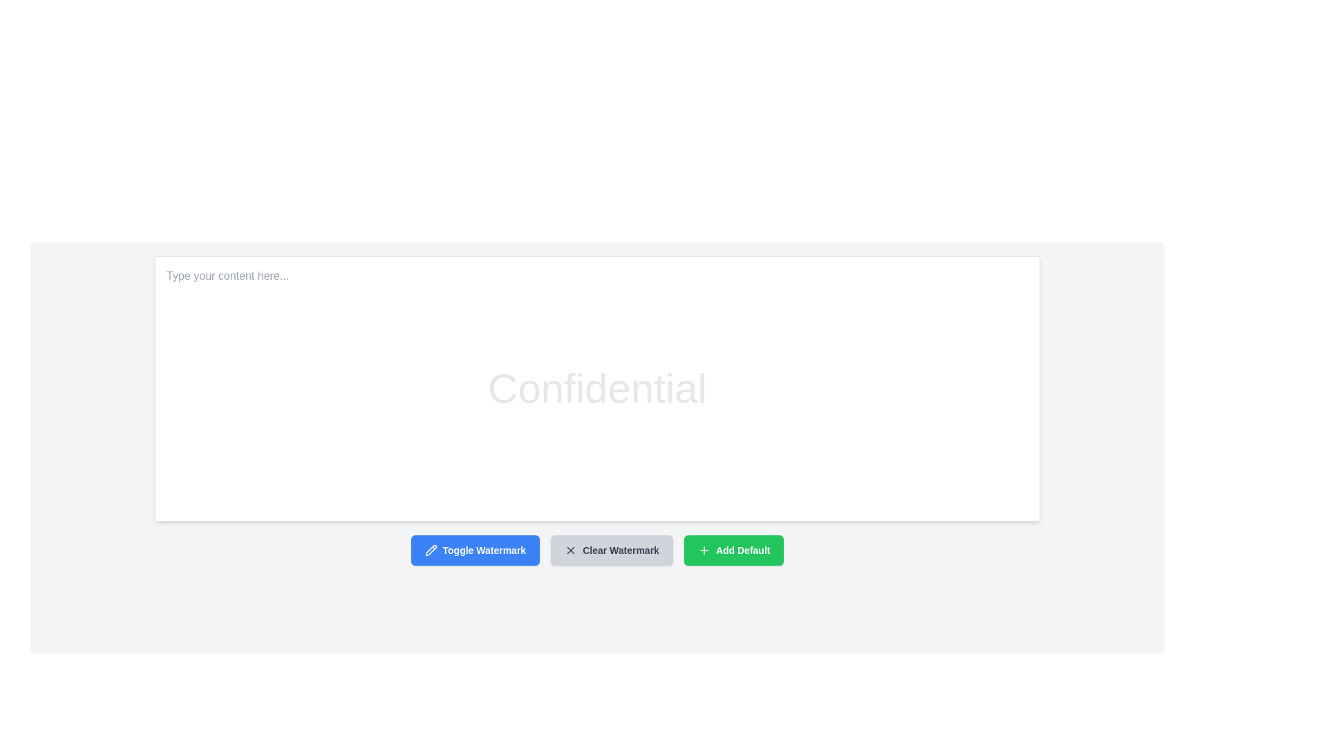 The height and width of the screenshot is (746, 1327). I want to click on the 'Clear Watermark' button, so click(611, 550).